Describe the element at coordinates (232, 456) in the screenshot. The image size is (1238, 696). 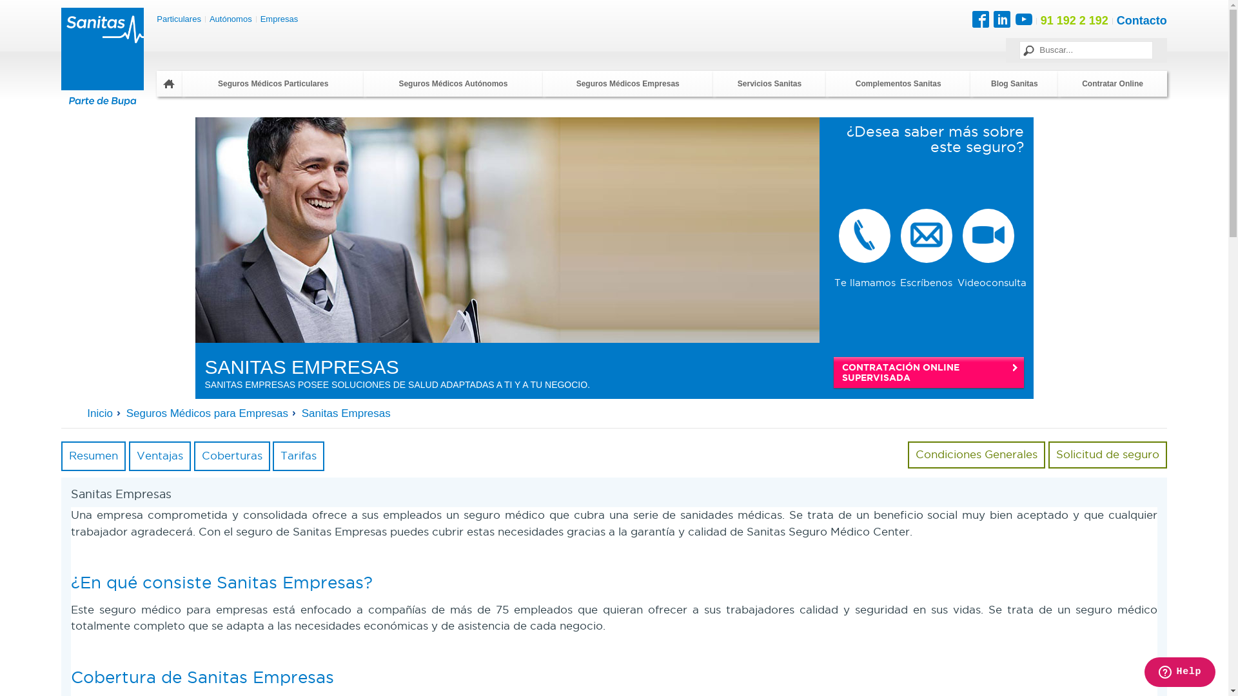
I see `'Coberturas'` at that location.